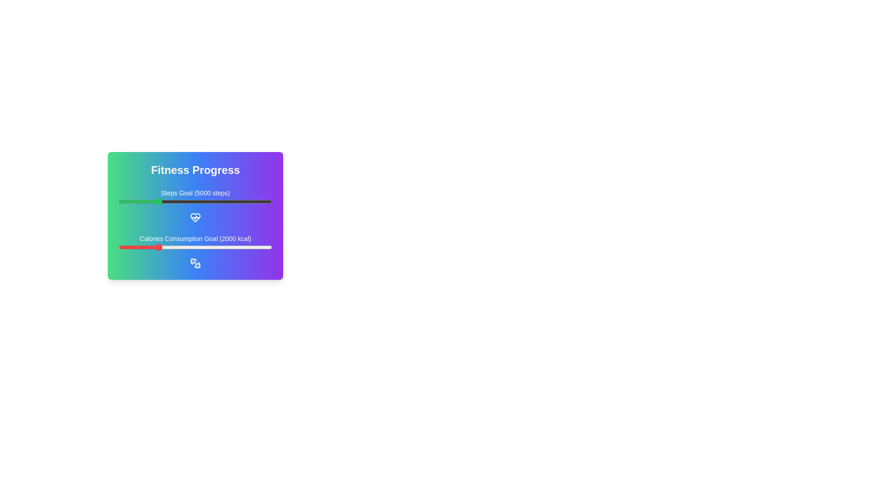 The height and width of the screenshot is (493, 877). I want to click on the decorative dumbbell icon, which is styled in white and located below the 'Calories Consumption Goal (2000 kcal)' slider, so click(195, 263).